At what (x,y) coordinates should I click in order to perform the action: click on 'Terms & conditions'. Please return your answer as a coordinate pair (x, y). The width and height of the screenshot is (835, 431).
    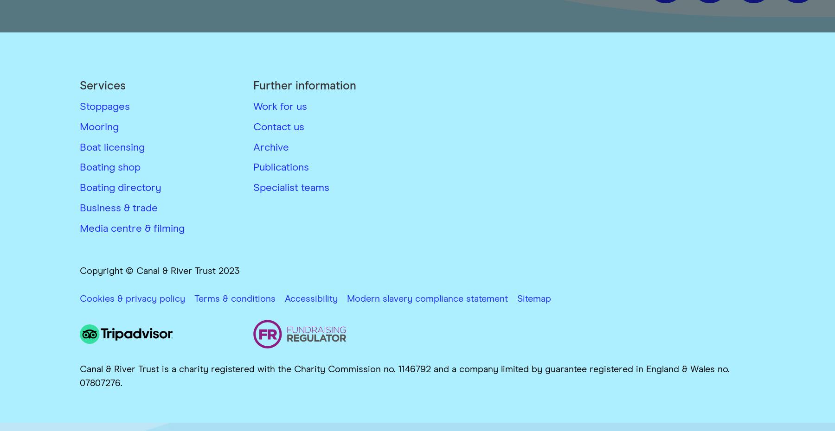
    Looking at the image, I should click on (234, 298).